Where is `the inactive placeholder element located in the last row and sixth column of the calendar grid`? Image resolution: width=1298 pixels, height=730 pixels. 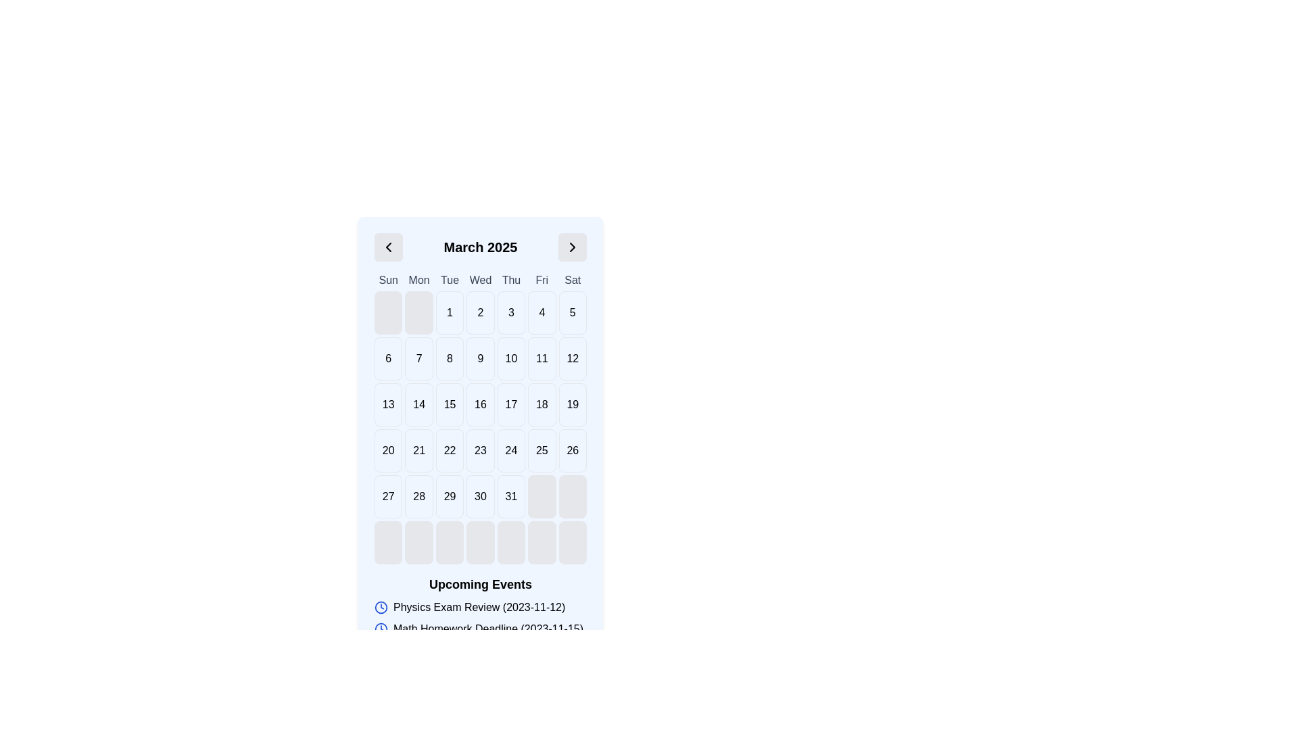 the inactive placeholder element located in the last row and sixth column of the calendar grid is located at coordinates (542, 541).